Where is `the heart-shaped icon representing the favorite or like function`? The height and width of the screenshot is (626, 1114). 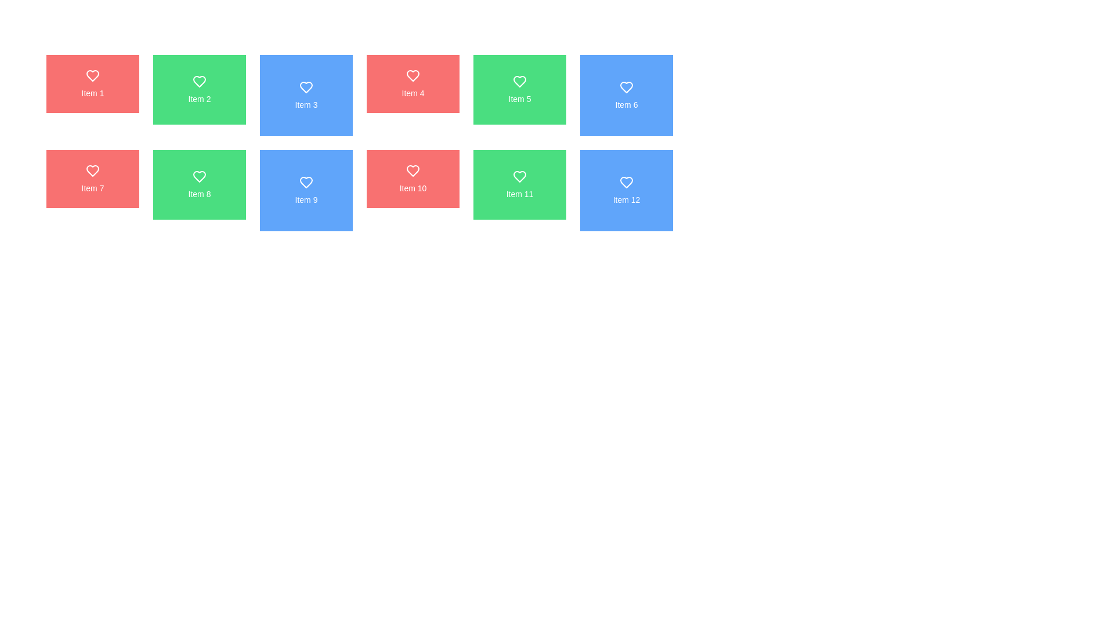 the heart-shaped icon representing the favorite or like function is located at coordinates (92, 170).